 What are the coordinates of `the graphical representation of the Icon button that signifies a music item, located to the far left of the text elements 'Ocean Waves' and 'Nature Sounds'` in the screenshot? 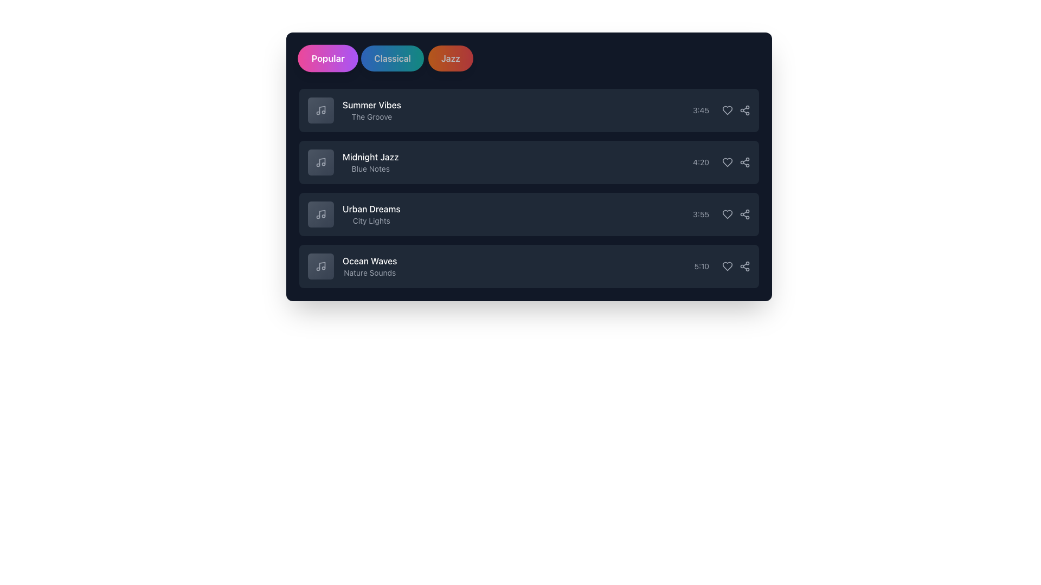 It's located at (320, 266).